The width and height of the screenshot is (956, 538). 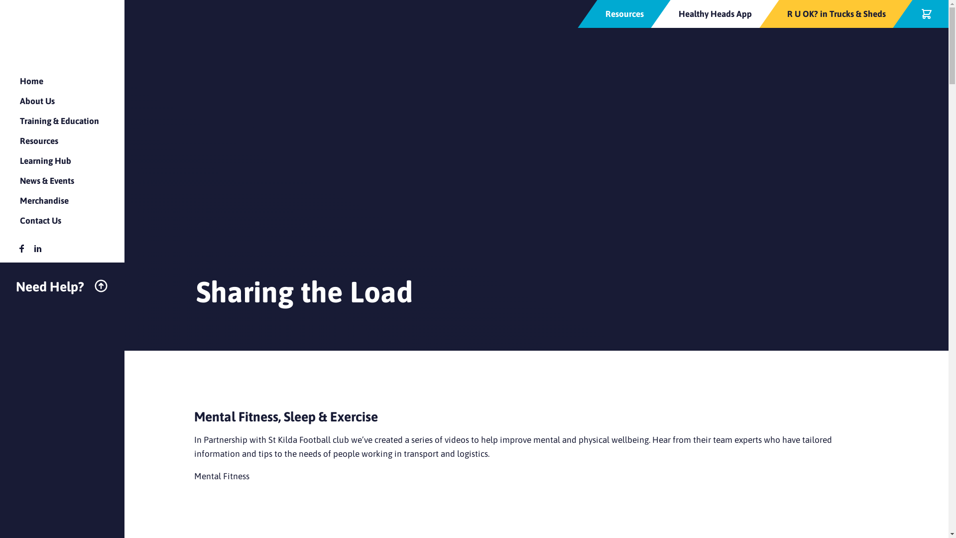 What do you see at coordinates (16, 121) in the screenshot?
I see `'Training & Education'` at bounding box center [16, 121].